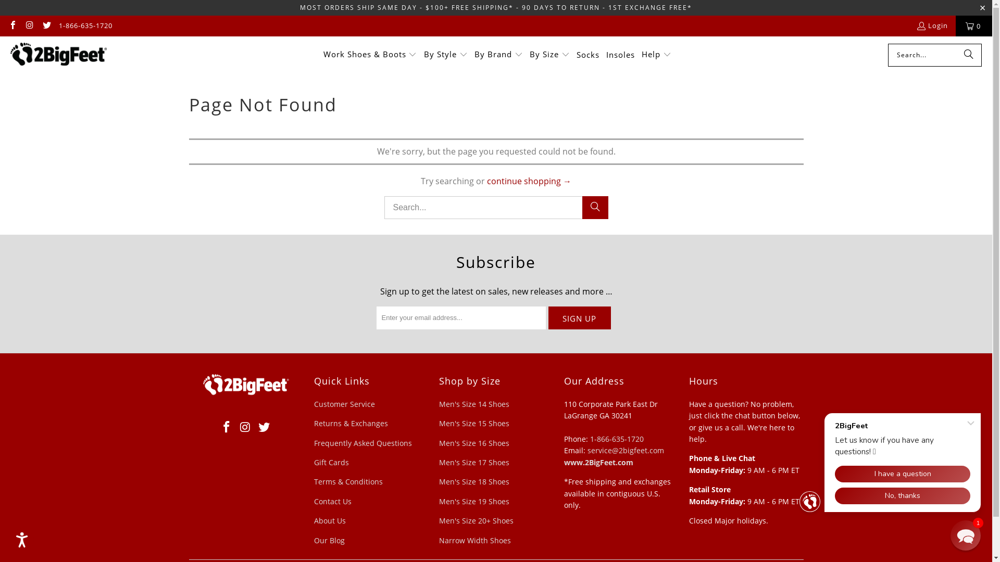 Image resolution: width=1000 pixels, height=562 pixels. What do you see at coordinates (598, 462) in the screenshot?
I see `'www.2BigFeet.com'` at bounding box center [598, 462].